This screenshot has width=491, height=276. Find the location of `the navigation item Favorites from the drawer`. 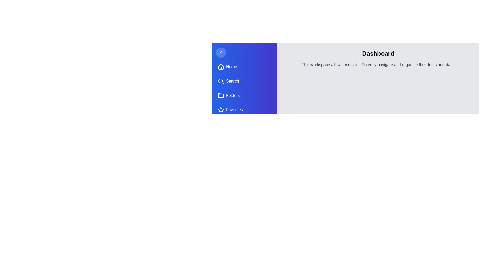

the navigation item Favorites from the drawer is located at coordinates (244, 109).